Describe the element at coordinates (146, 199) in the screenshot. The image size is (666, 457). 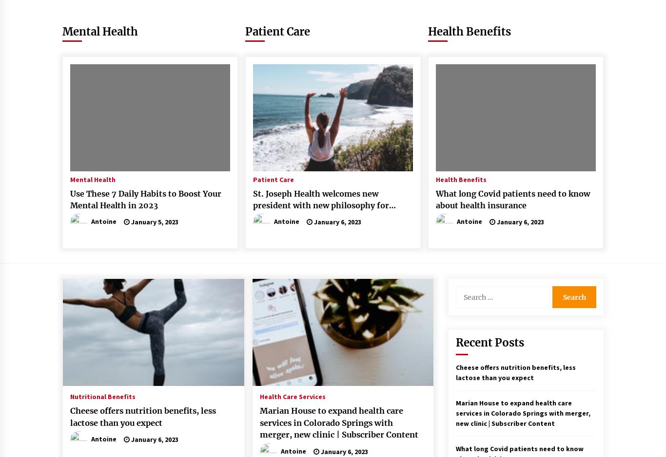
I see `'Use These 7 Daily Habits to Boost Your Mental Health in 2023'` at that location.